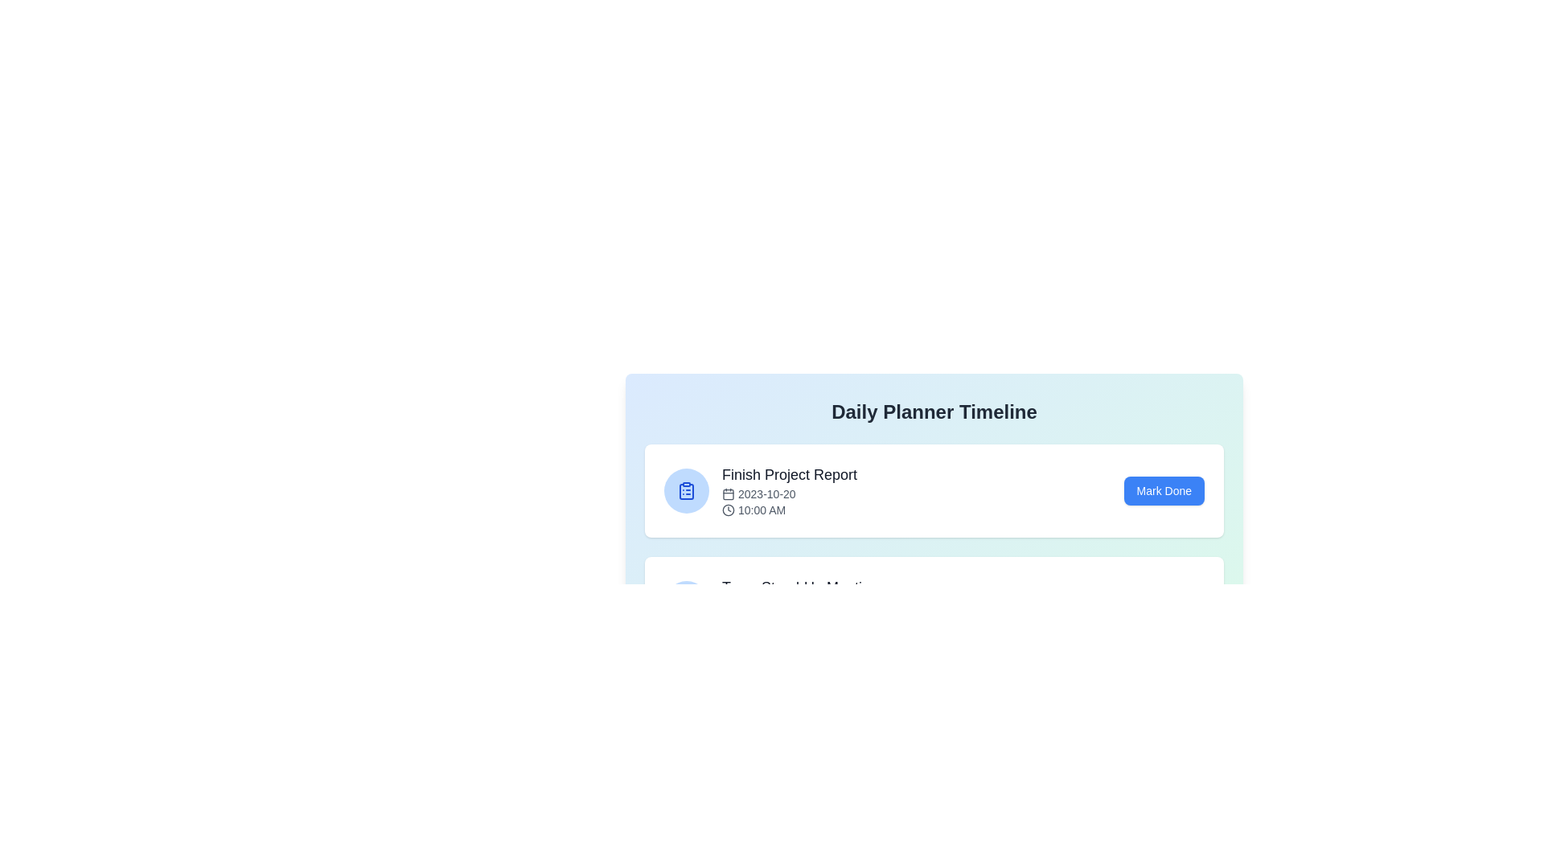 This screenshot has height=868, width=1544. What do you see at coordinates (790, 489) in the screenshot?
I see `the text of the event details to highlight it` at bounding box center [790, 489].